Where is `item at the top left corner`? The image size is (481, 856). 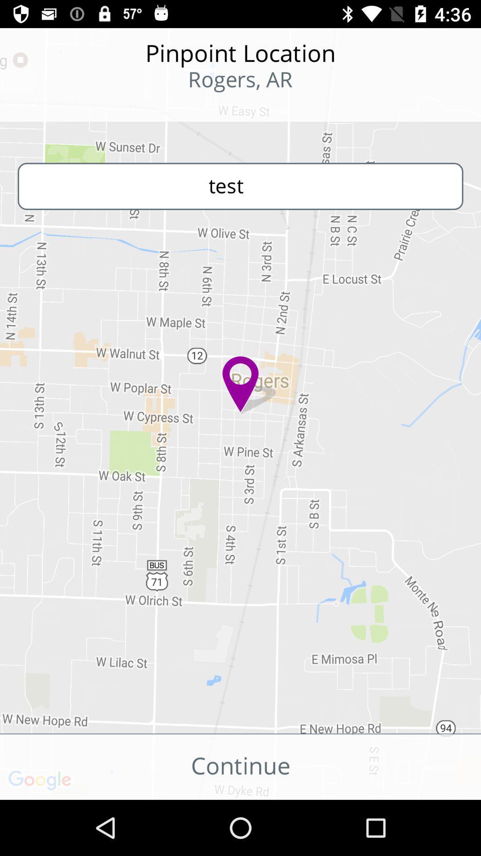
item at the top left corner is located at coordinates (58, 107).